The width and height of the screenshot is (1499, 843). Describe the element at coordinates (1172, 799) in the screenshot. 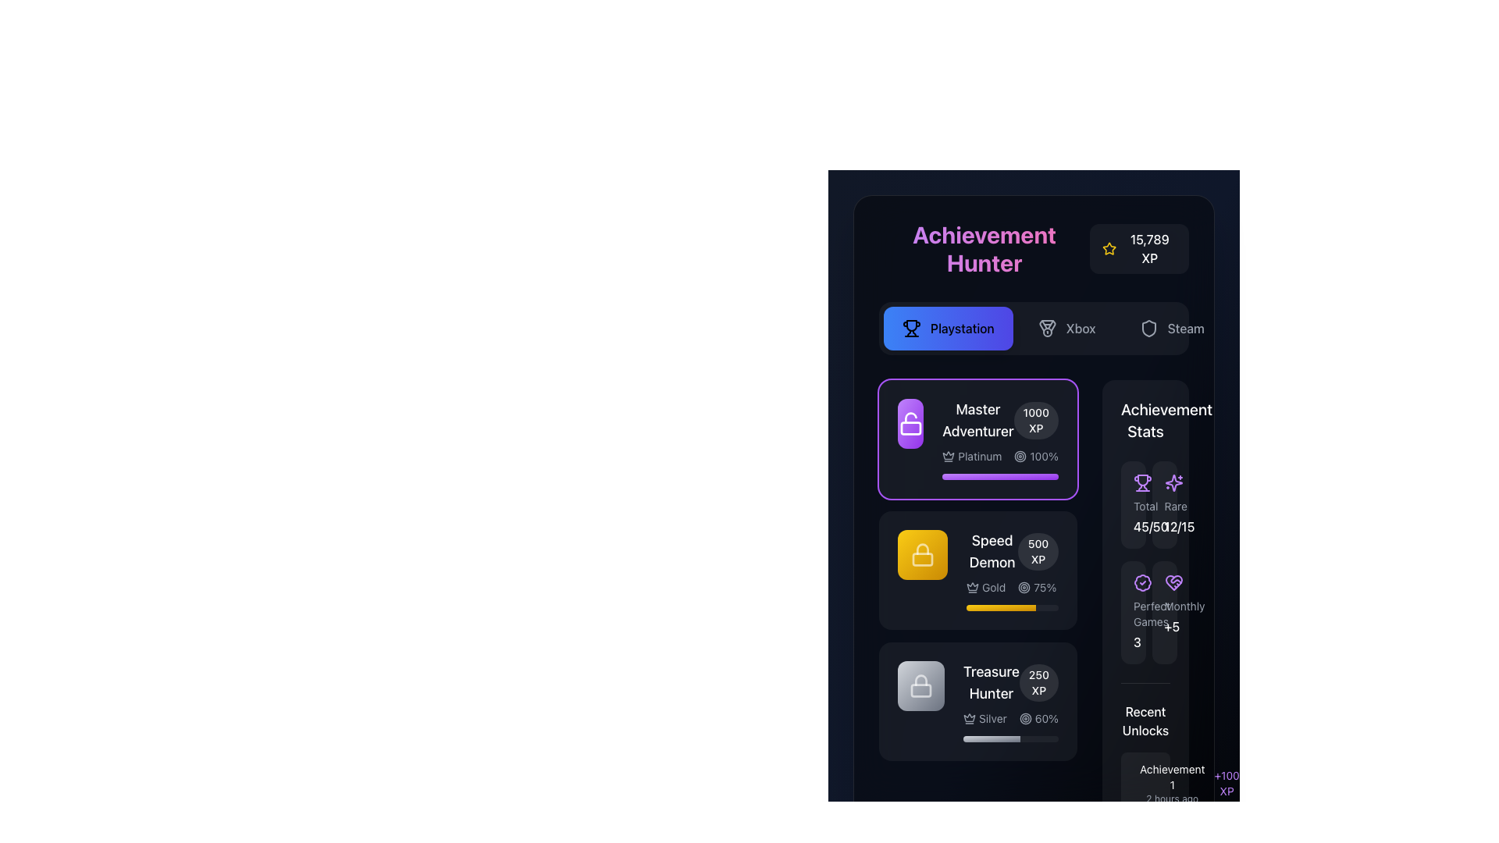

I see `the text label displaying '2 hours ago' in a small gray font, located in the 'Recent Unlocks' section below 'Achievement 1'` at that location.